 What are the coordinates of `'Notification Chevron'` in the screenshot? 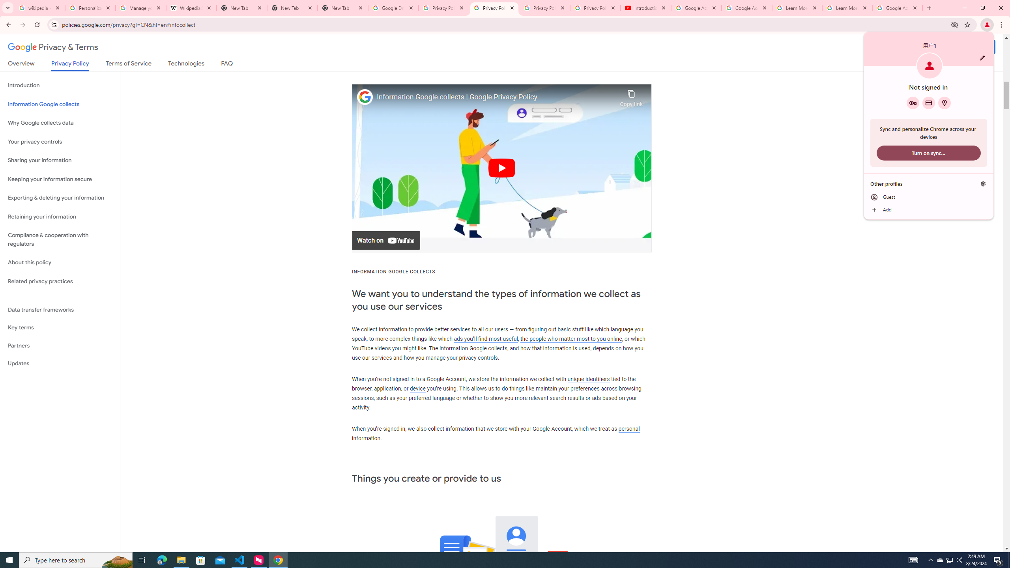 It's located at (931, 559).